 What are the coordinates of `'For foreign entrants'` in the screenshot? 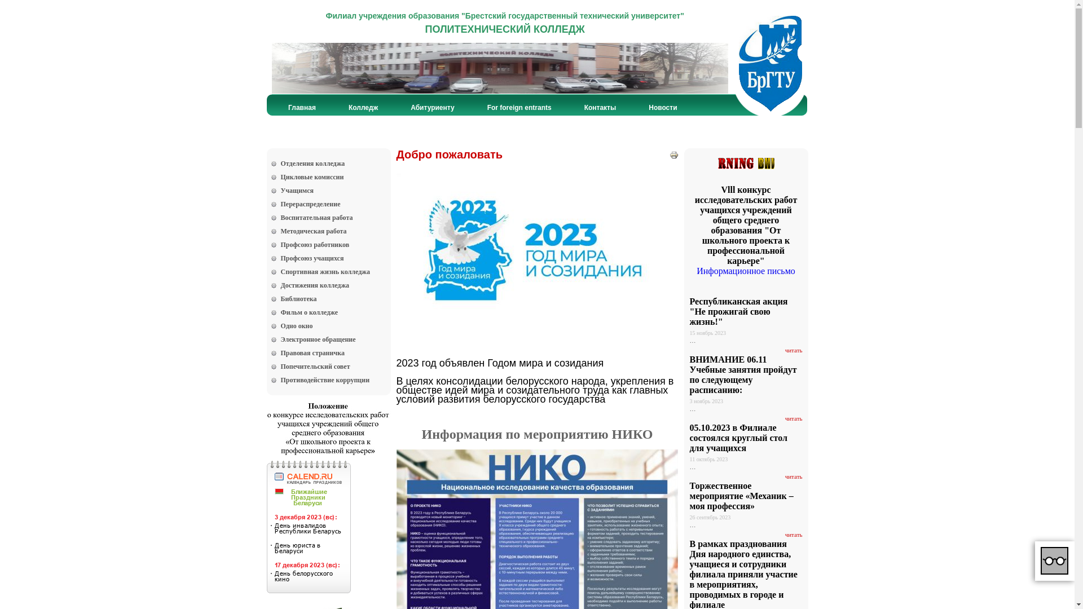 It's located at (519, 108).